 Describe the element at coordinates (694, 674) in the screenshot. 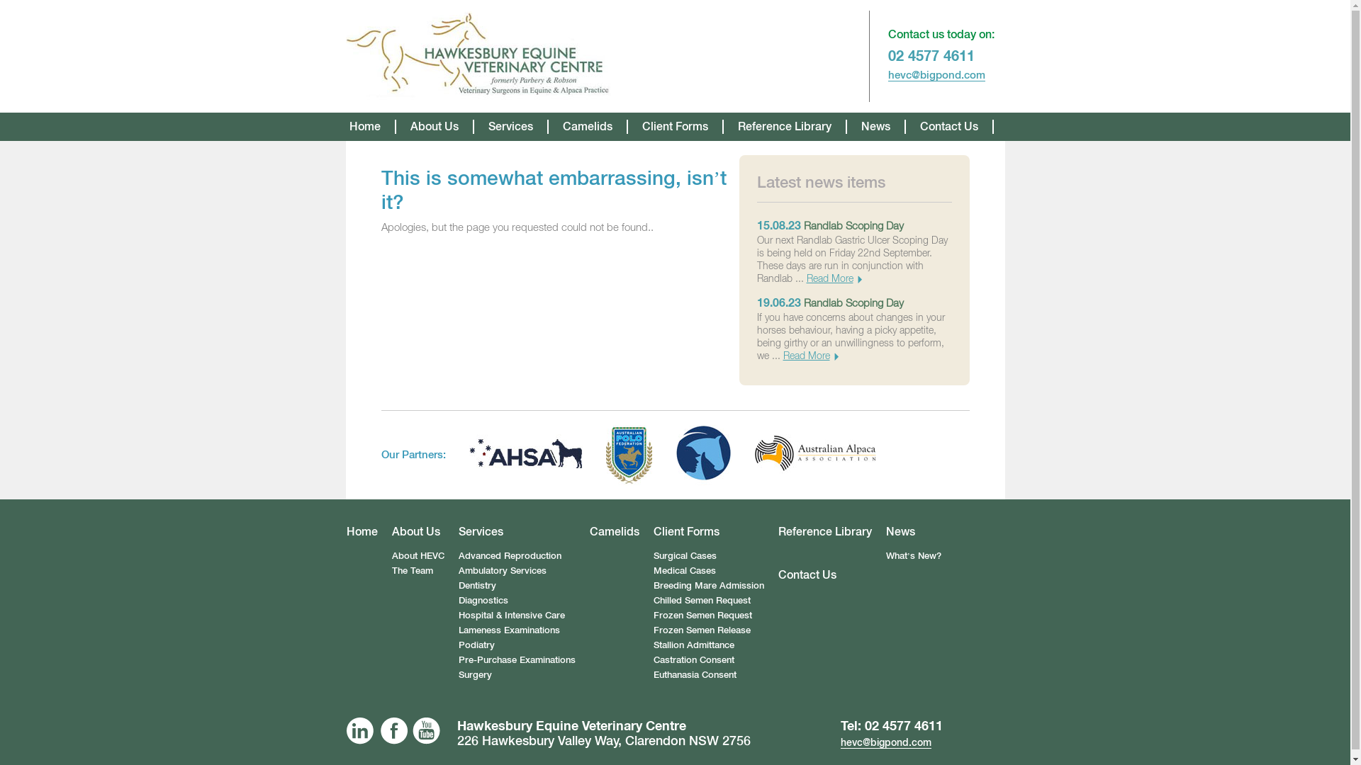

I see `'Euthanasia Consent'` at that location.